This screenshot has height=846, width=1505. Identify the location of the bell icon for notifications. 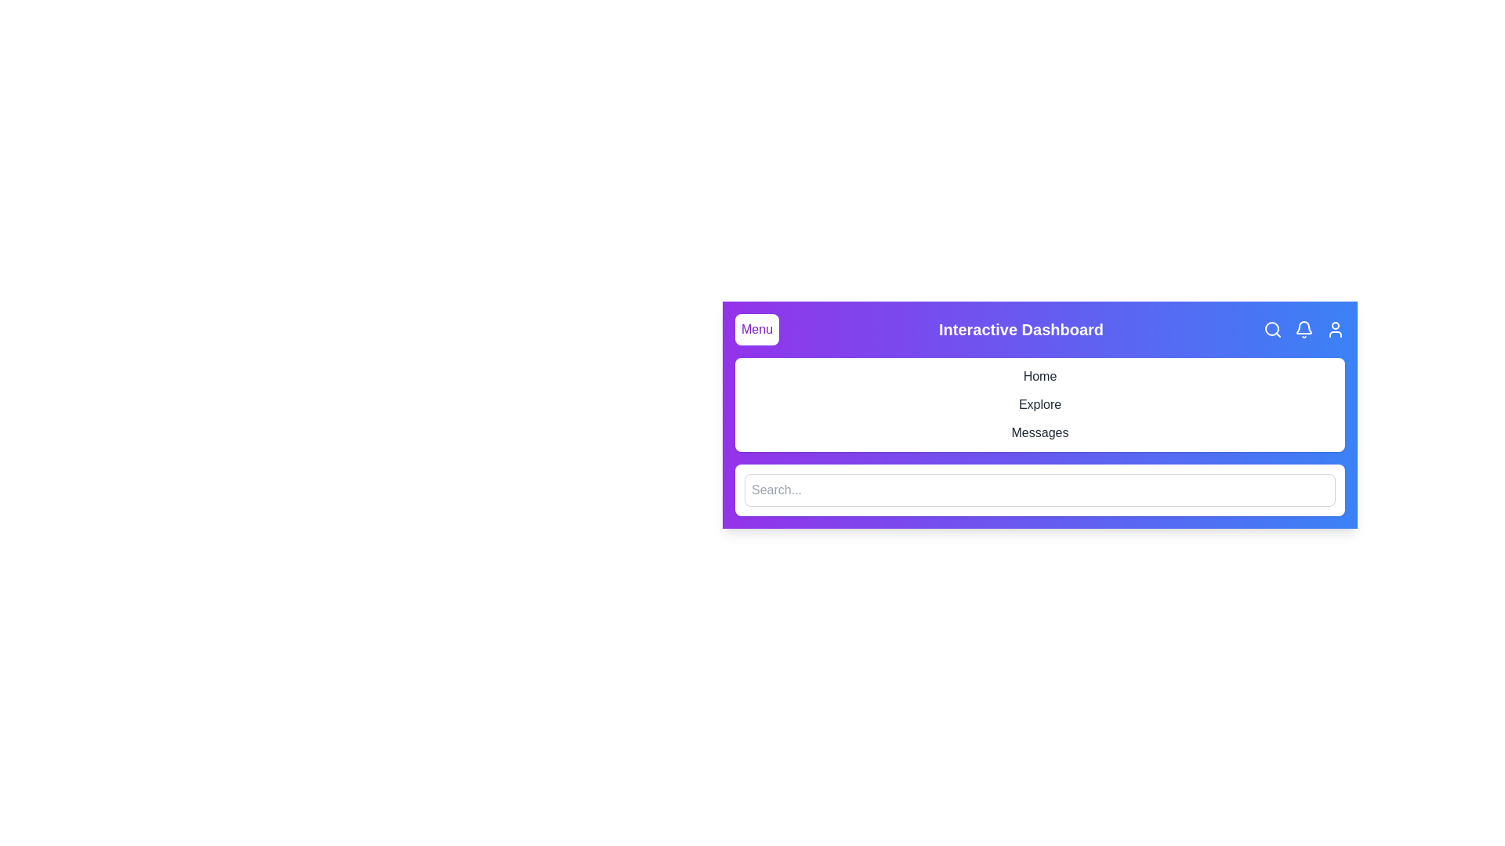
(1304, 328).